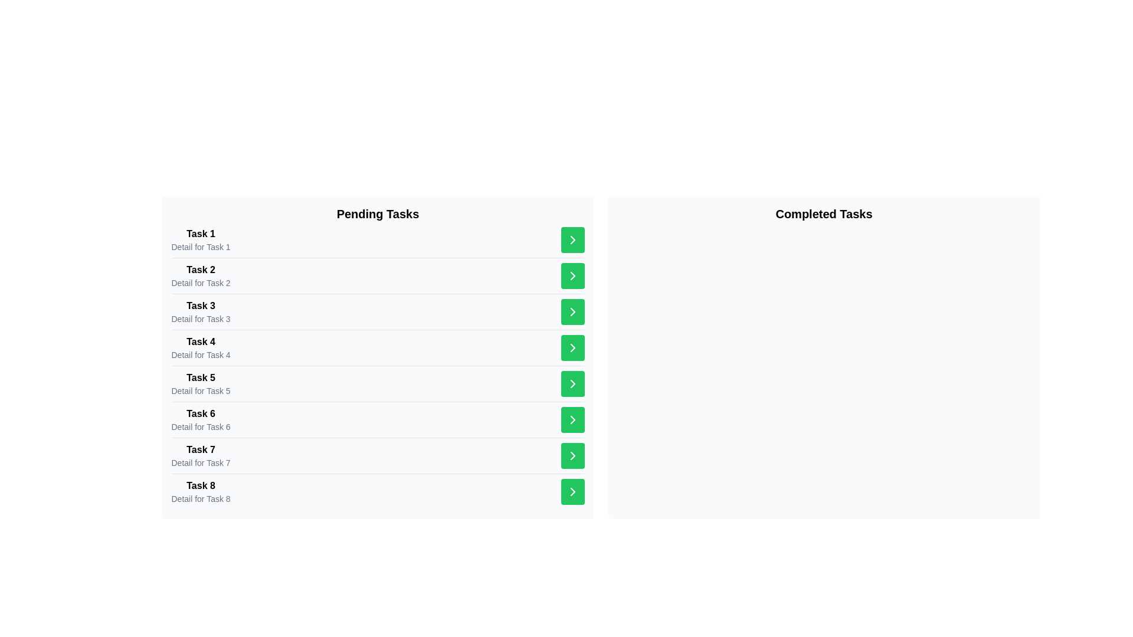 The image size is (1133, 637). Describe the element at coordinates (201, 384) in the screenshot. I see `the Text display element that provides information about 'Task 5' in the 'Pending Tasks' section, specifically the fifth item in the list` at that location.